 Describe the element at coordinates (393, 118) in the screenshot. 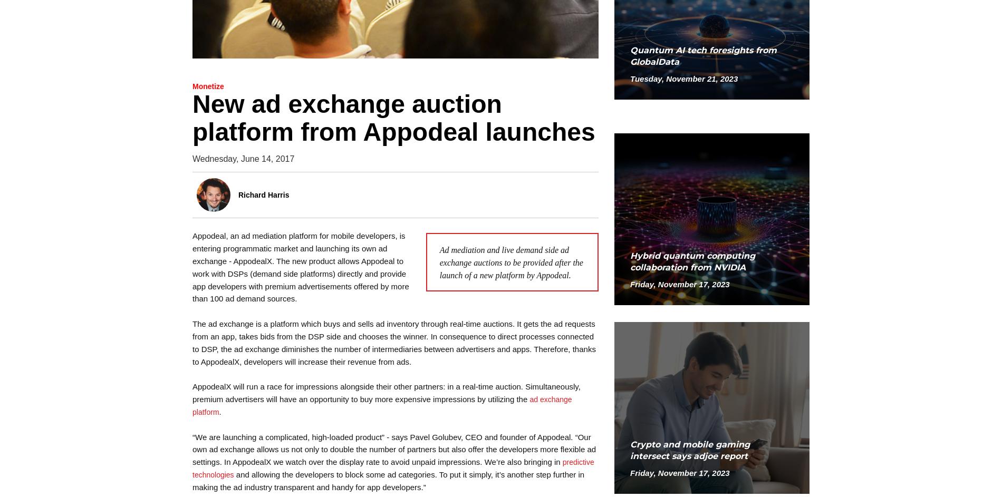

I see `'New ad exchange auction platform from Appodeal launches'` at that location.